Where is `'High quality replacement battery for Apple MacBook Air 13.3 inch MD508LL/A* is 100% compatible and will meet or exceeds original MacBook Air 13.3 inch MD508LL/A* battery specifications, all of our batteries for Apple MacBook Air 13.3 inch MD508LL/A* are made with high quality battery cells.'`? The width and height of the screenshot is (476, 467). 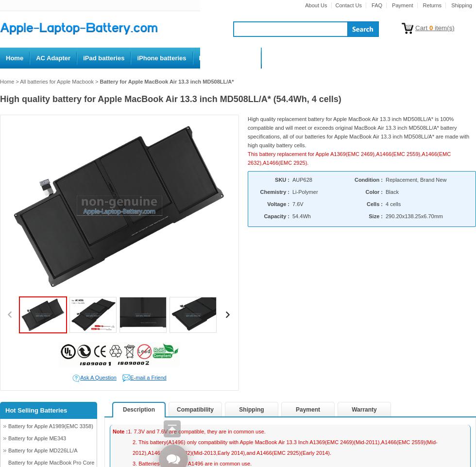
'High quality replacement battery for Apple MacBook Air 13.3 inch MD508LL/A* is 100% compatible and will meet or exceeds original MacBook Air 13.3 inch MD508LL/A* battery specifications, all of our batteries for Apple MacBook Air 13.3 inch MD508LL/A* are made with high quality battery cells.' is located at coordinates (358, 132).